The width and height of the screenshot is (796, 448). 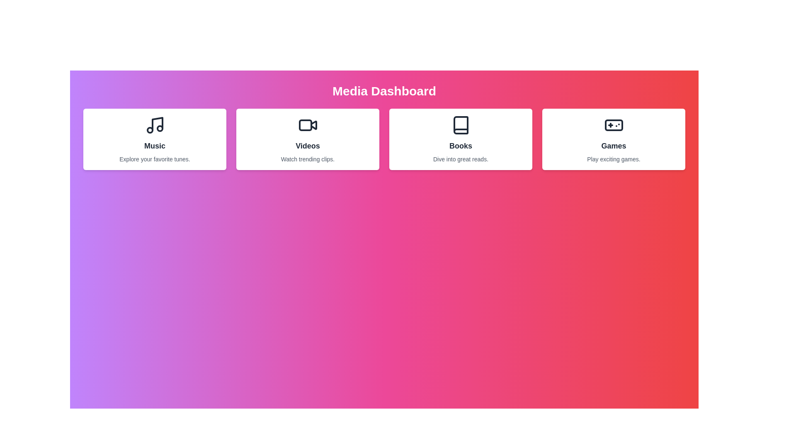 I want to click on the minimalist vector graphic icon depicting a book, which is located within the 'Books' card on the media dashboard interface, so click(x=460, y=125).